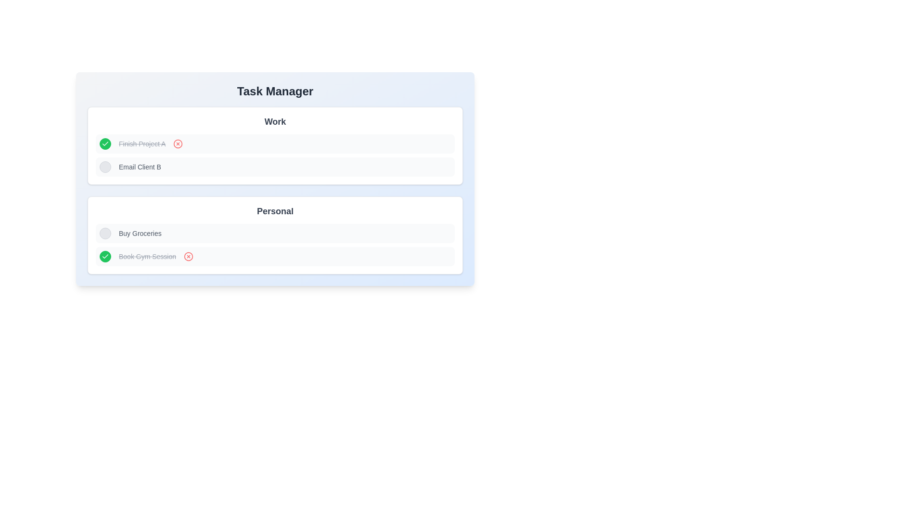 Image resolution: width=924 pixels, height=520 pixels. Describe the element at coordinates (274, 167) in the screenshot. I see `the task item labeled 'Email Client B' in the 'Work' section of the task management interface` at that location.